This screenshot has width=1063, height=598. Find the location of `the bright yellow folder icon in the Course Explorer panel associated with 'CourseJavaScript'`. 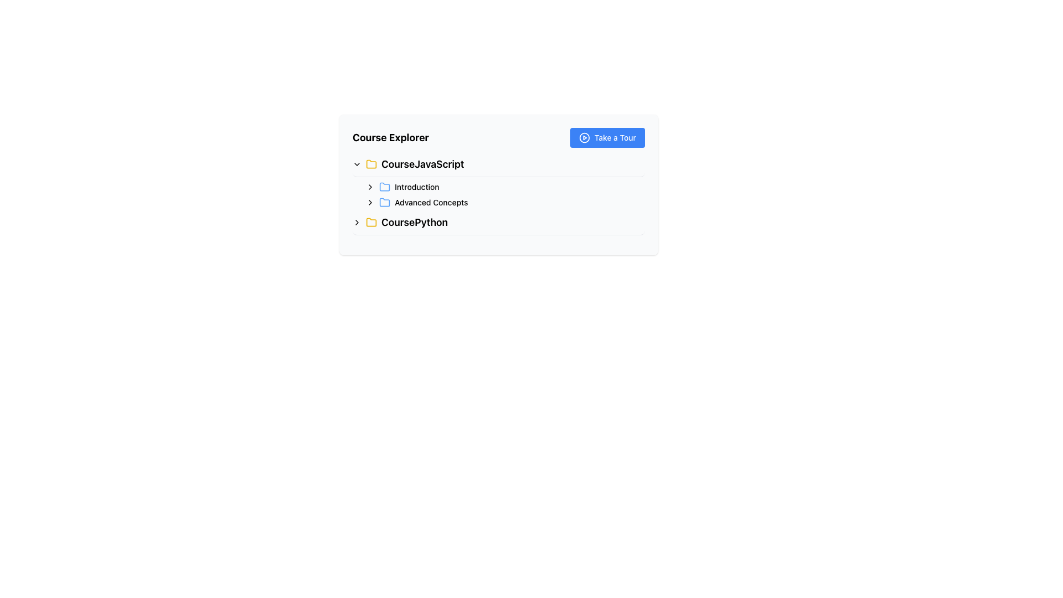

the bright yellow folder icon in the Course Explorer panel associated with 'CourseJavaScript' is located at coordinates (371, 164).